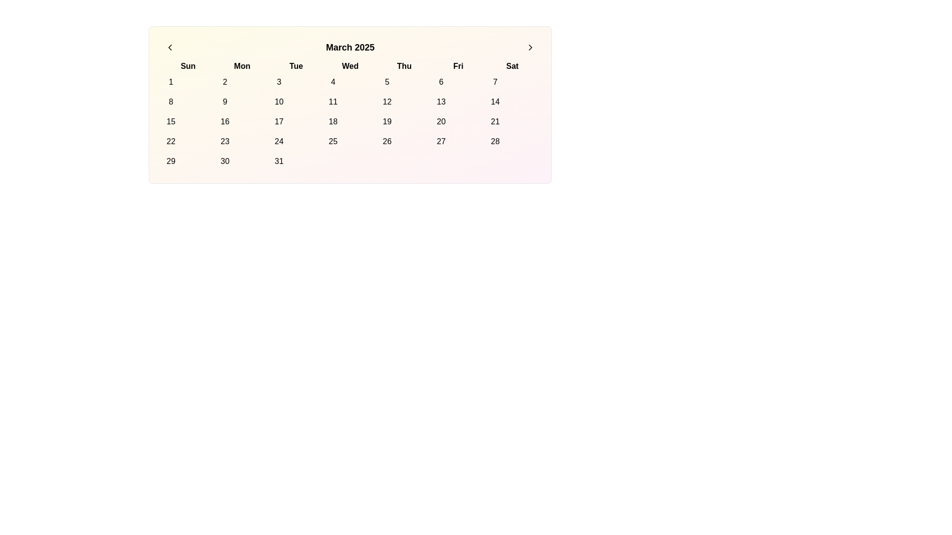  Describe the element at coordinates (495, 121) in the screenshot. I see `the button representing the date '21' in the calendar, located in the sixth column of the fourth row under the 'Sat' column header` at that location.